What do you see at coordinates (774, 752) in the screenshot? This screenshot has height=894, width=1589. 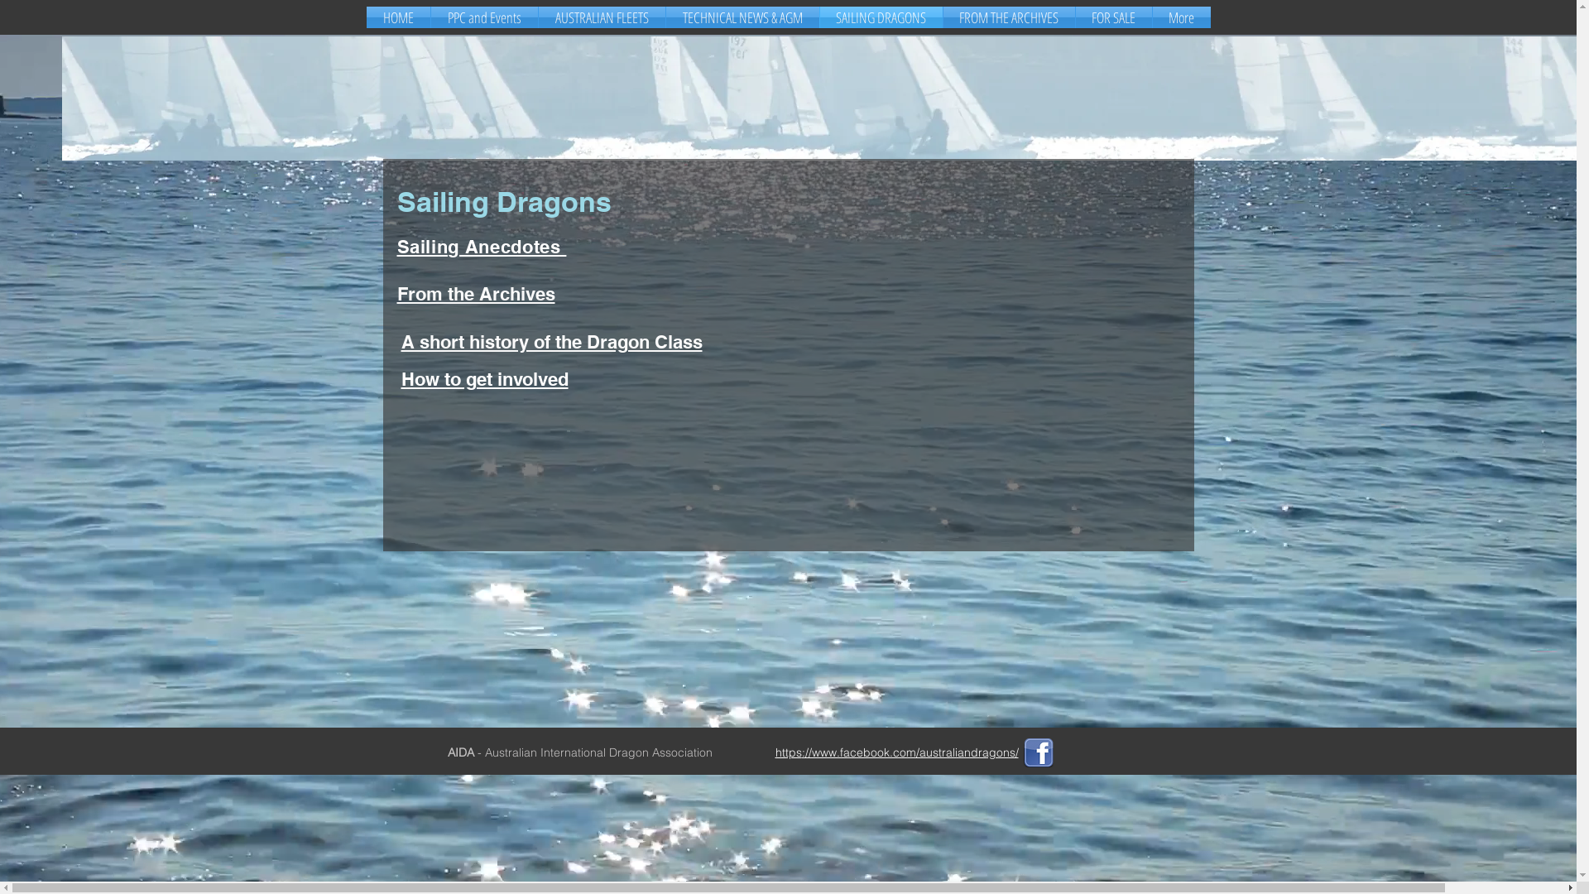 I see `'https'` at bounding box center [774, 752].